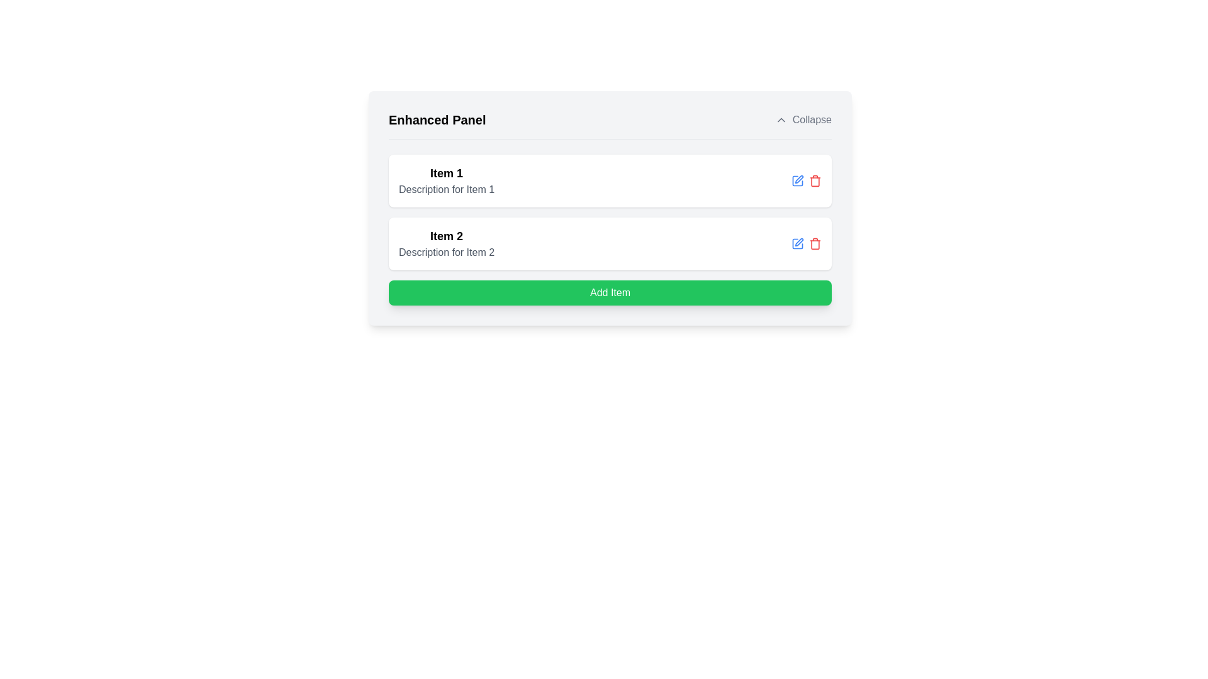 Image resolution: width=1208 pixels, height=679 pixels. I want to click on the edit icon button located on the right side of the second card in a vertically stacked list, so click(797, 244).